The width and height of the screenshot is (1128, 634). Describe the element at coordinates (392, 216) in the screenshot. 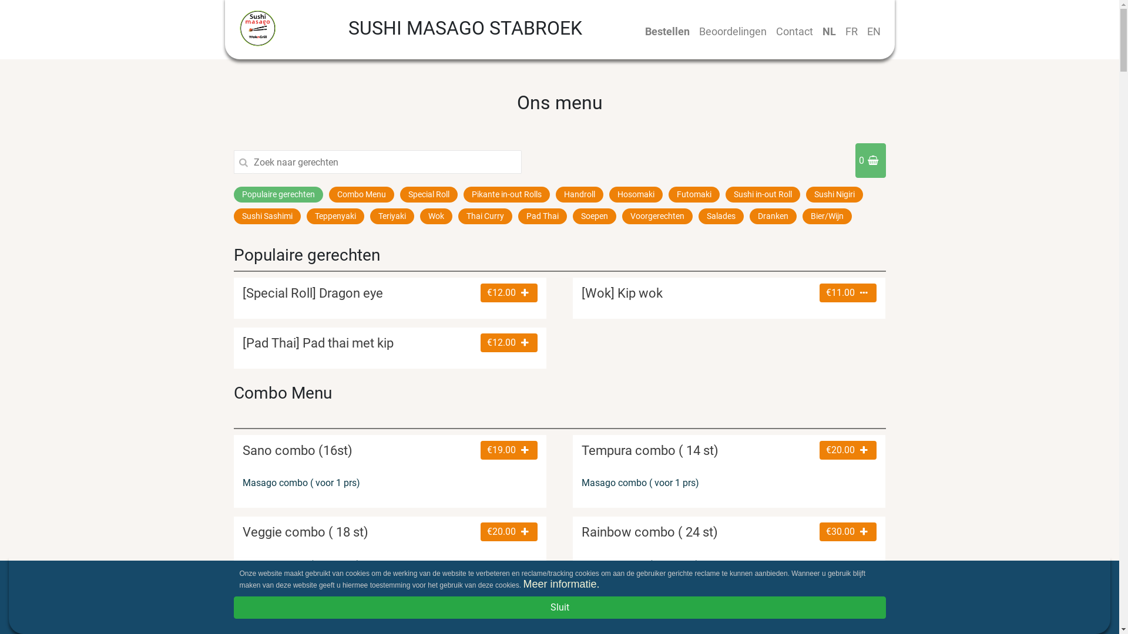

I see `'Teriyaki'` at that location.